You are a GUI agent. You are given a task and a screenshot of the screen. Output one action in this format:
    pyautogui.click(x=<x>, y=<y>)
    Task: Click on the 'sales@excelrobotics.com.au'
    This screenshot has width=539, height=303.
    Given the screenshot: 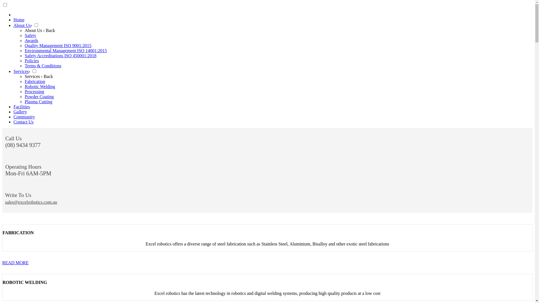 What is the action you would take?
    pyautogui.click(x=5, y=202)
    